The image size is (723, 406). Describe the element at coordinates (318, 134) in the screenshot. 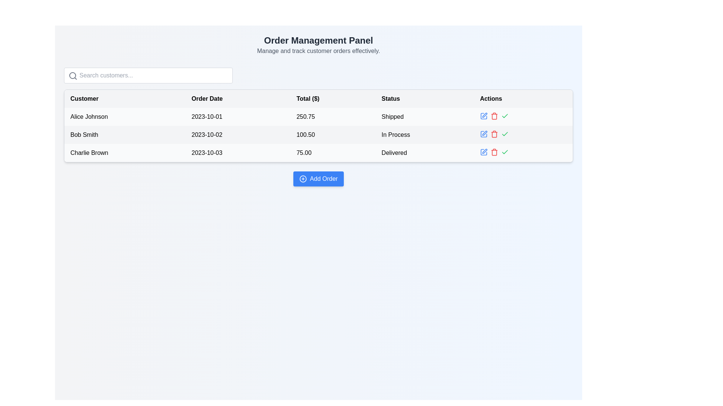

I see `the data row in the table that provides detailed information about a specific customer's order, located between the rows for 'Alice Johnson' and 'Charlie Brown'` at that location.